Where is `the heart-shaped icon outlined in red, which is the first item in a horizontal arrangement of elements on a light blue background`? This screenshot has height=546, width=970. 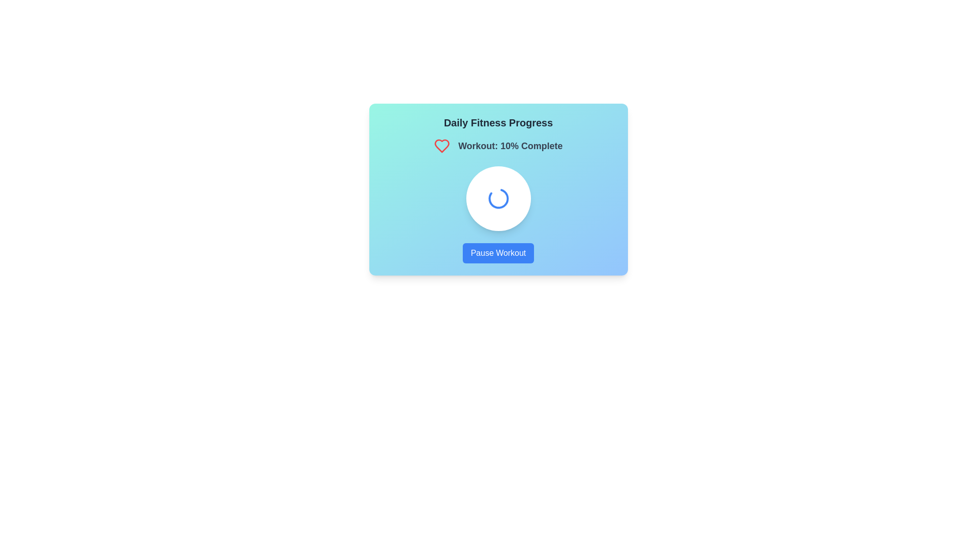
the heart-shaped icon outlined in red, which is the first item in a horizontal arrangement of elements on a light blue background is located at coordinates (445, 146).